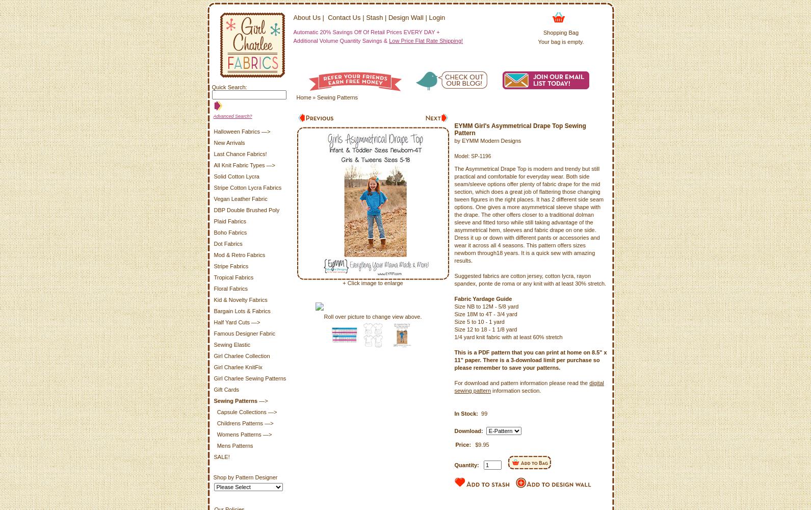  Describe the element at coordinates (240, 154) in the screenshot. I see `'Last Chance Fabrics!'` at that location.